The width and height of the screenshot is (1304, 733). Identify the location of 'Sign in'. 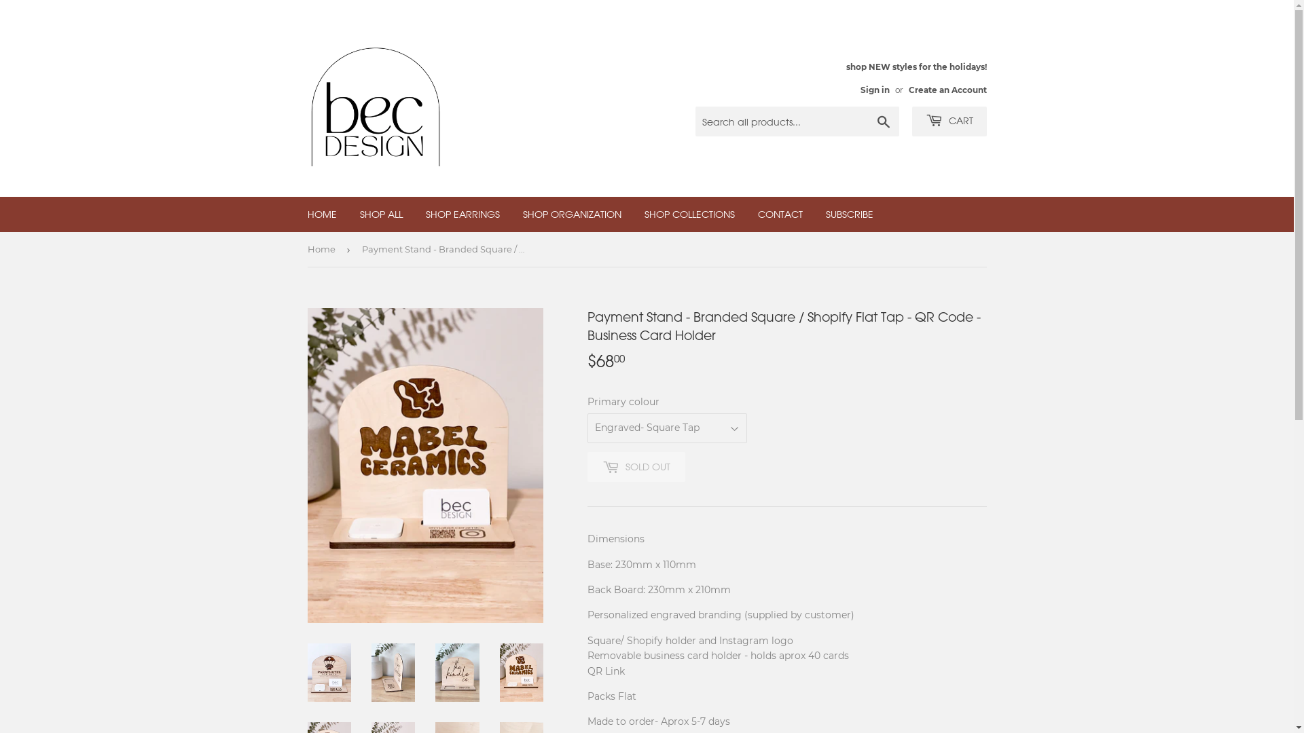
(874, 90).